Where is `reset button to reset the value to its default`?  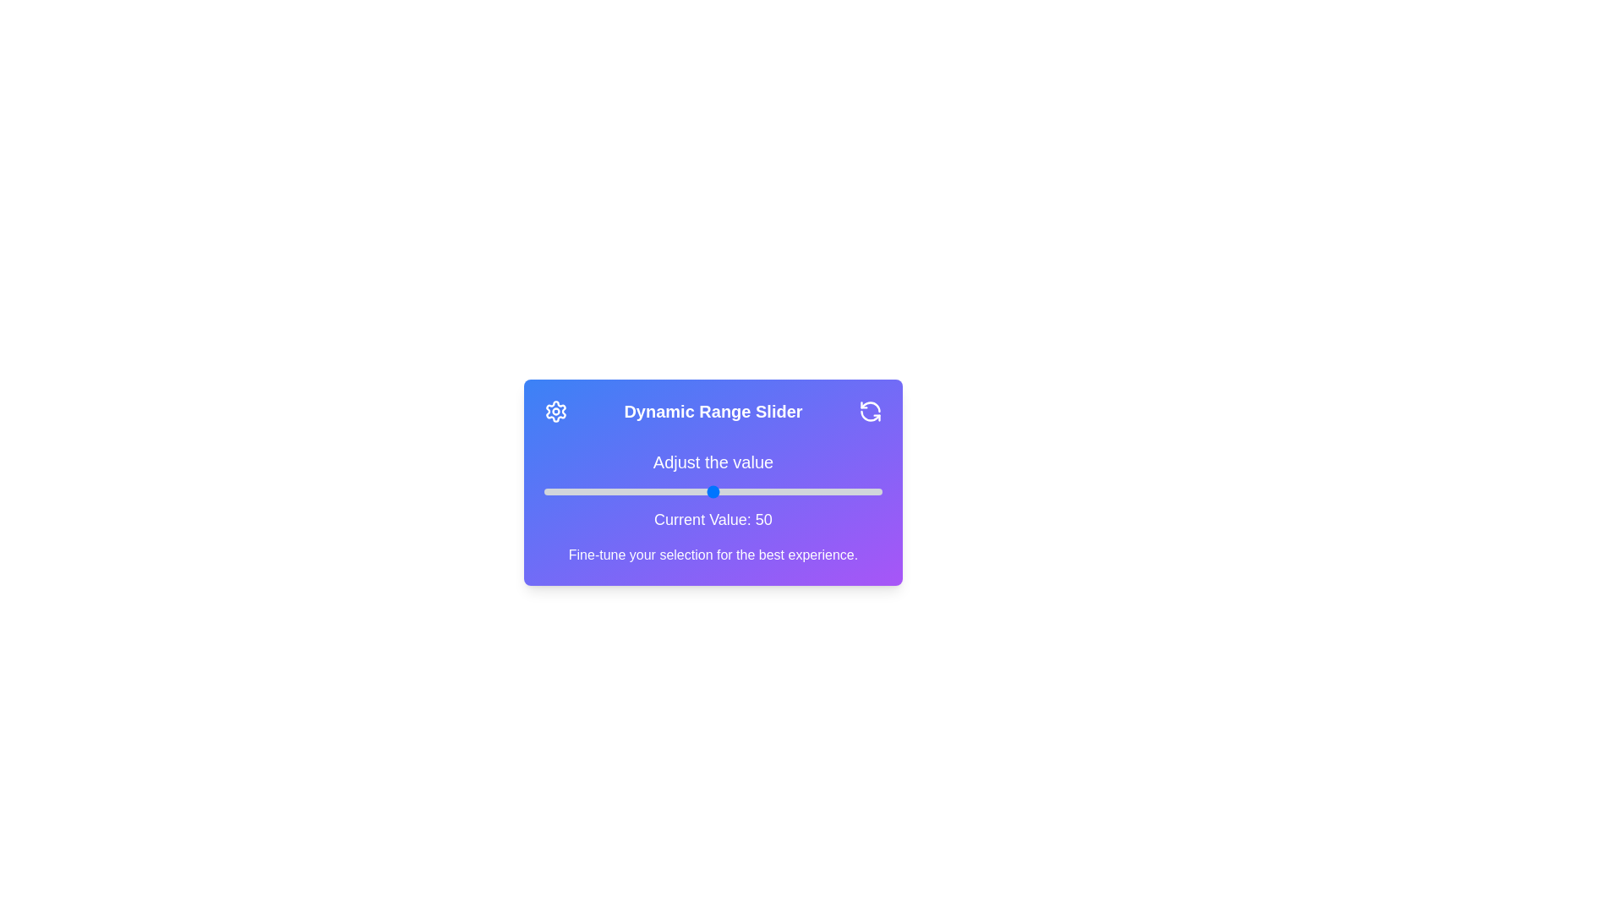
reset button to reset the value to its default is located at coordinates (871, 411).